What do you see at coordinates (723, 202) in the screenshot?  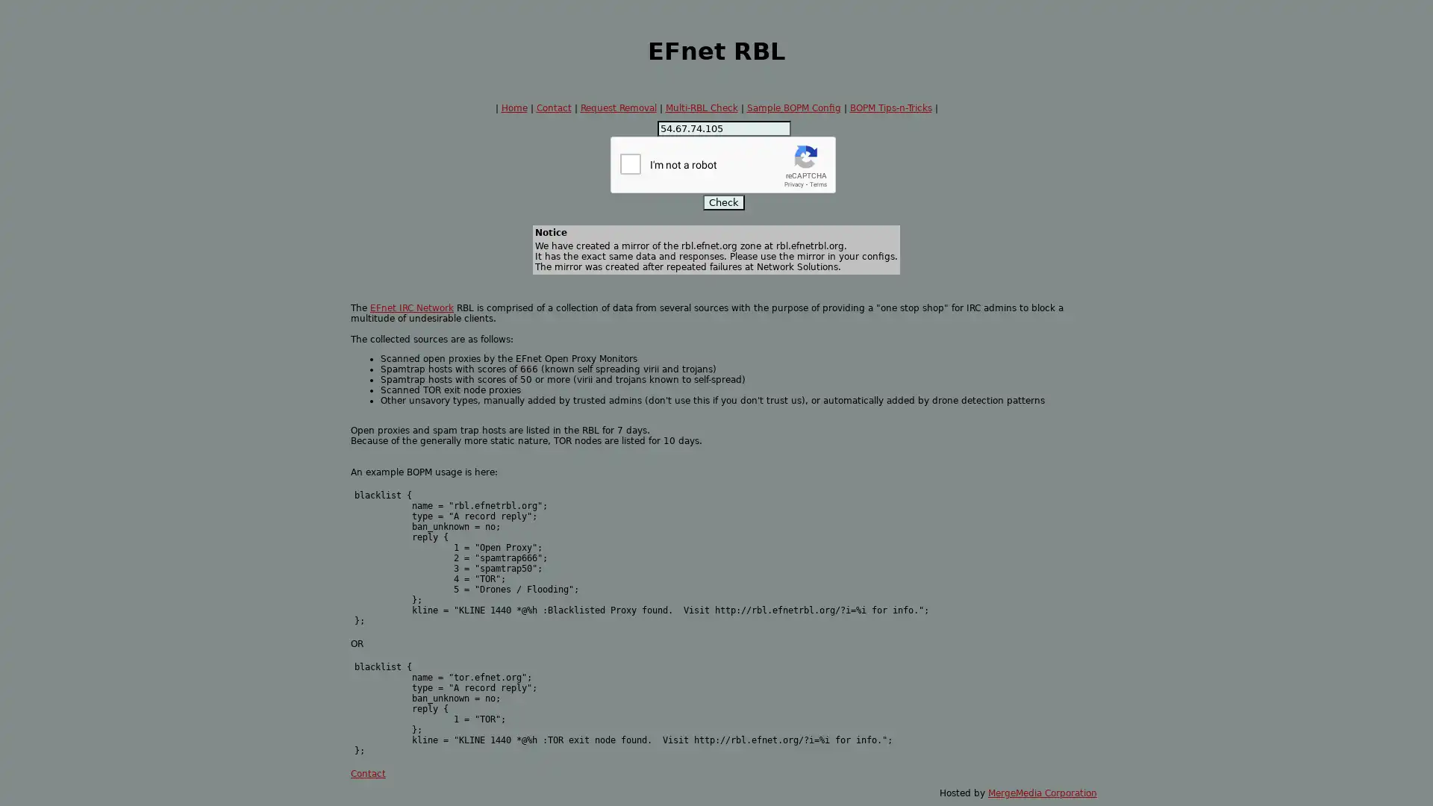 I see `Check` at bounding box center [723, 202].